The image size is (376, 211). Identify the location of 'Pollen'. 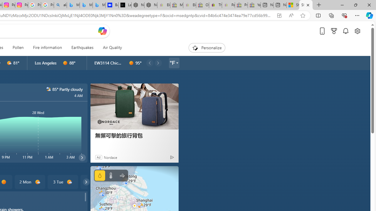
(18, 47).